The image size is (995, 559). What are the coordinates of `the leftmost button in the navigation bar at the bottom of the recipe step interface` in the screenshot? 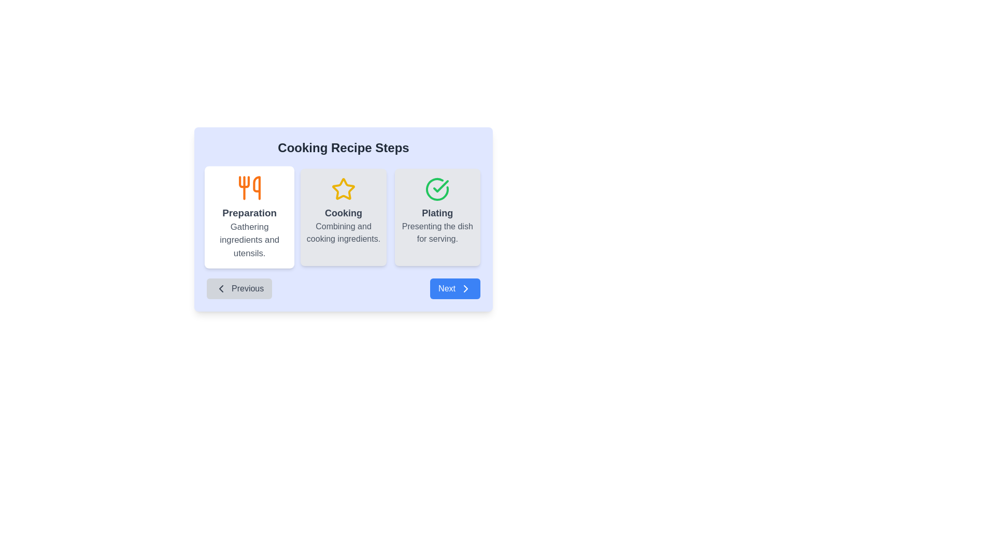 It's located at (239, 289).